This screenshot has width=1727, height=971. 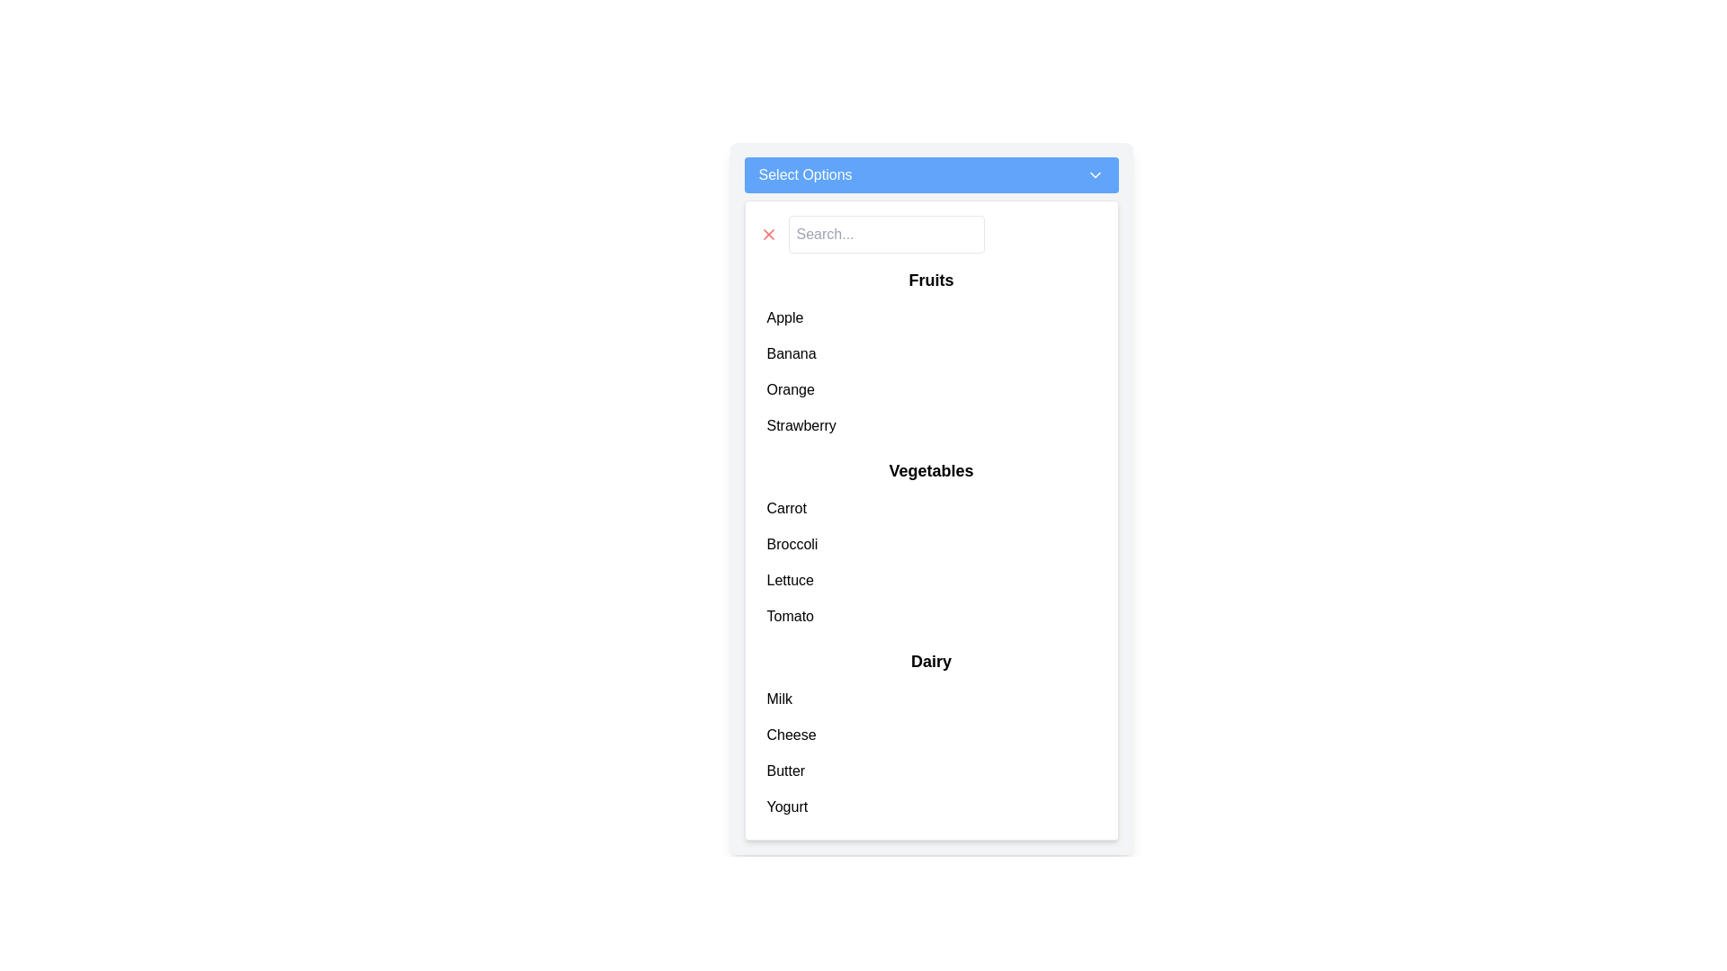 I want to click on the list item displaying 'Butter' which is the third item under the 'Dairy' section, so click(x=931, y=770).